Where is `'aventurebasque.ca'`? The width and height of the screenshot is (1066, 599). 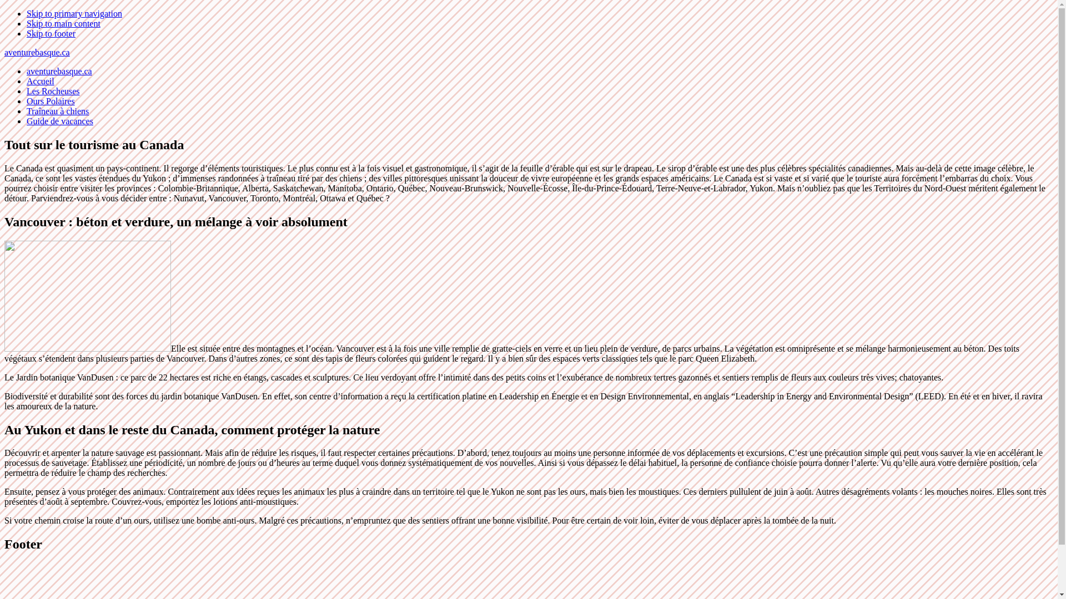 'aventurebasque.ca' is located at coordinates (58, 71).